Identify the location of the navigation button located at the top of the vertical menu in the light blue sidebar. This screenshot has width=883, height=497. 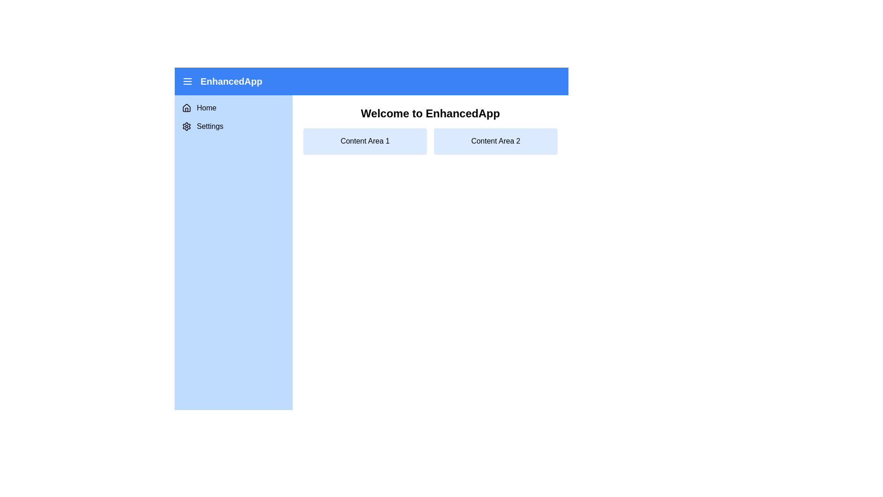
(234, 108).